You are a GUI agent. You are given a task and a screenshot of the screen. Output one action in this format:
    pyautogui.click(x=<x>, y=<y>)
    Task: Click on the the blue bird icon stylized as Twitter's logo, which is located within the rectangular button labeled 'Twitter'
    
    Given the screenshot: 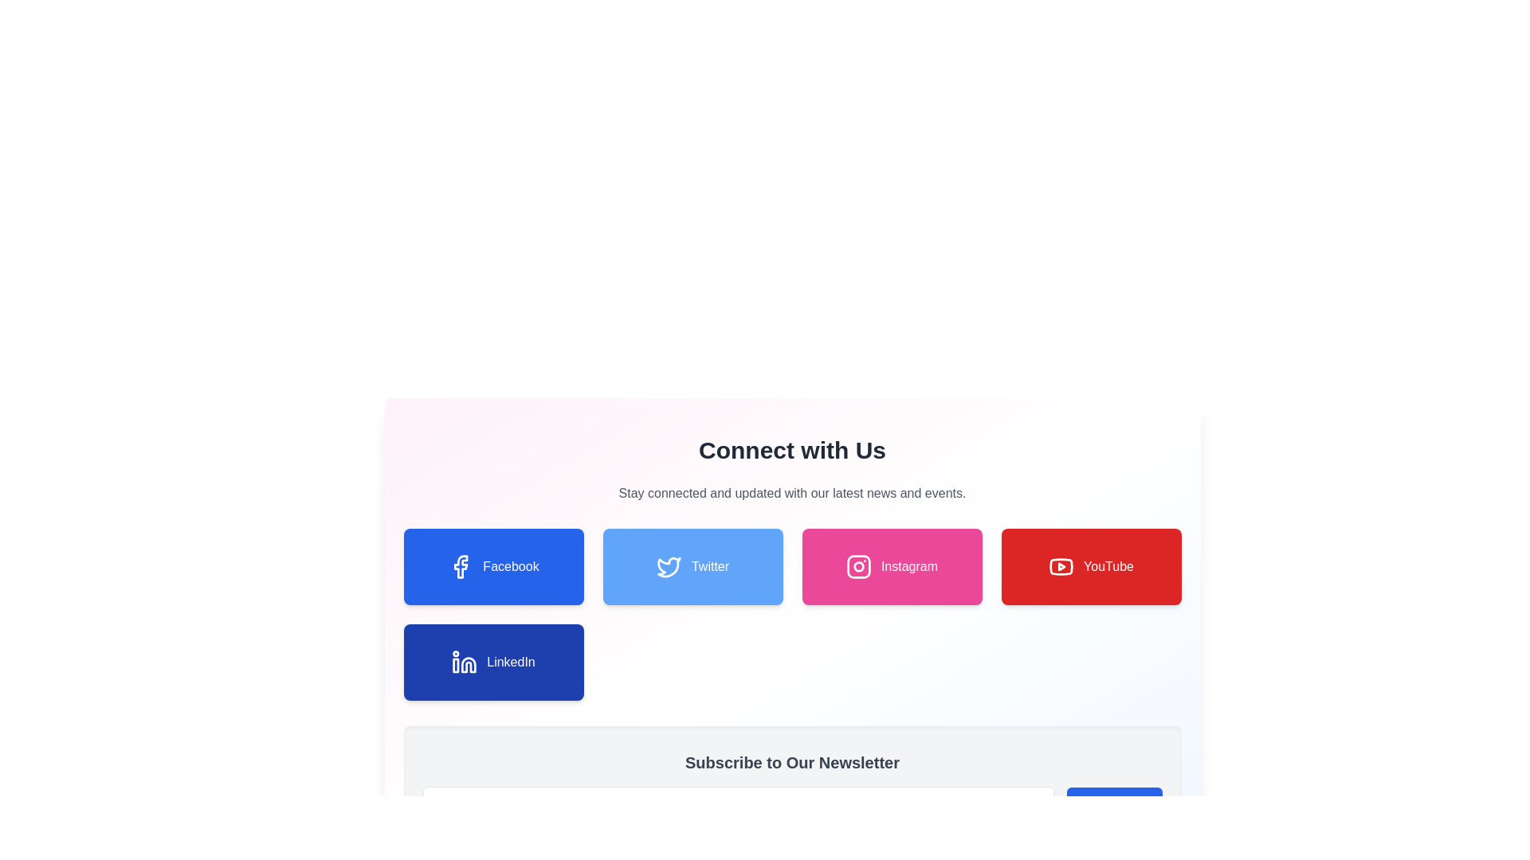 What is the action you would take?
    pyautogui.click(x=669, y=566)
    